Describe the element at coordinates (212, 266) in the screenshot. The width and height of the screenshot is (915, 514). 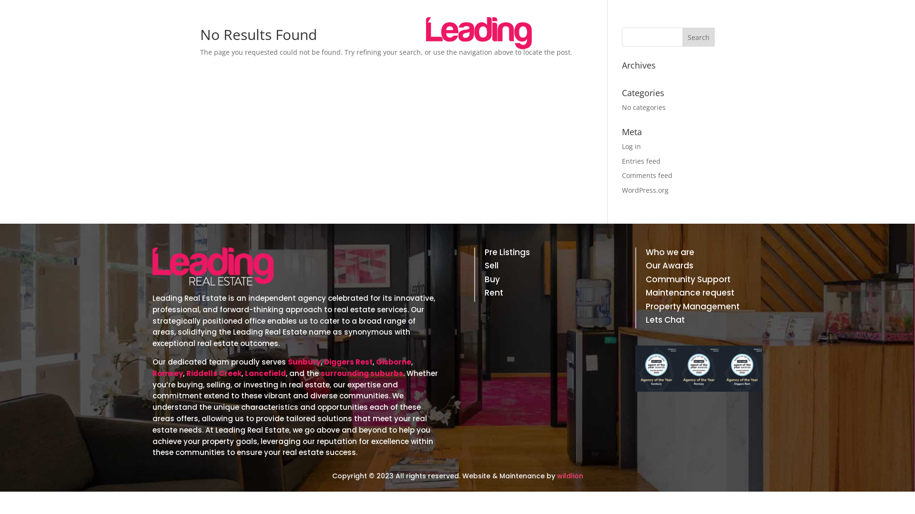
I see `'logo.white_'` at that location.